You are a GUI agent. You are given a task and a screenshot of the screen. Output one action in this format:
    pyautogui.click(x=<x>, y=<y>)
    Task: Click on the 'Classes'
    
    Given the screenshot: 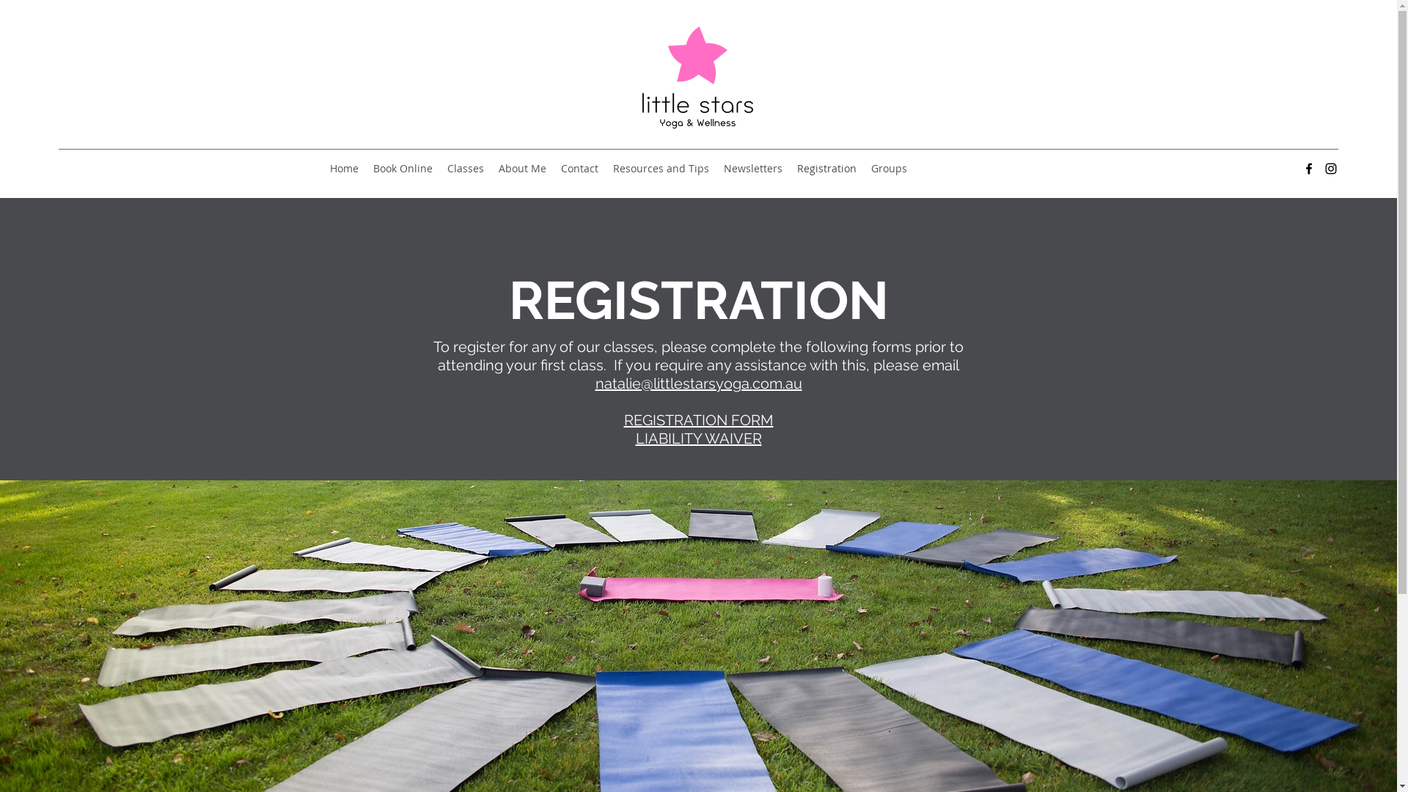 What is the action you would take?
    pyautogui.click(x=464, y=168)
    